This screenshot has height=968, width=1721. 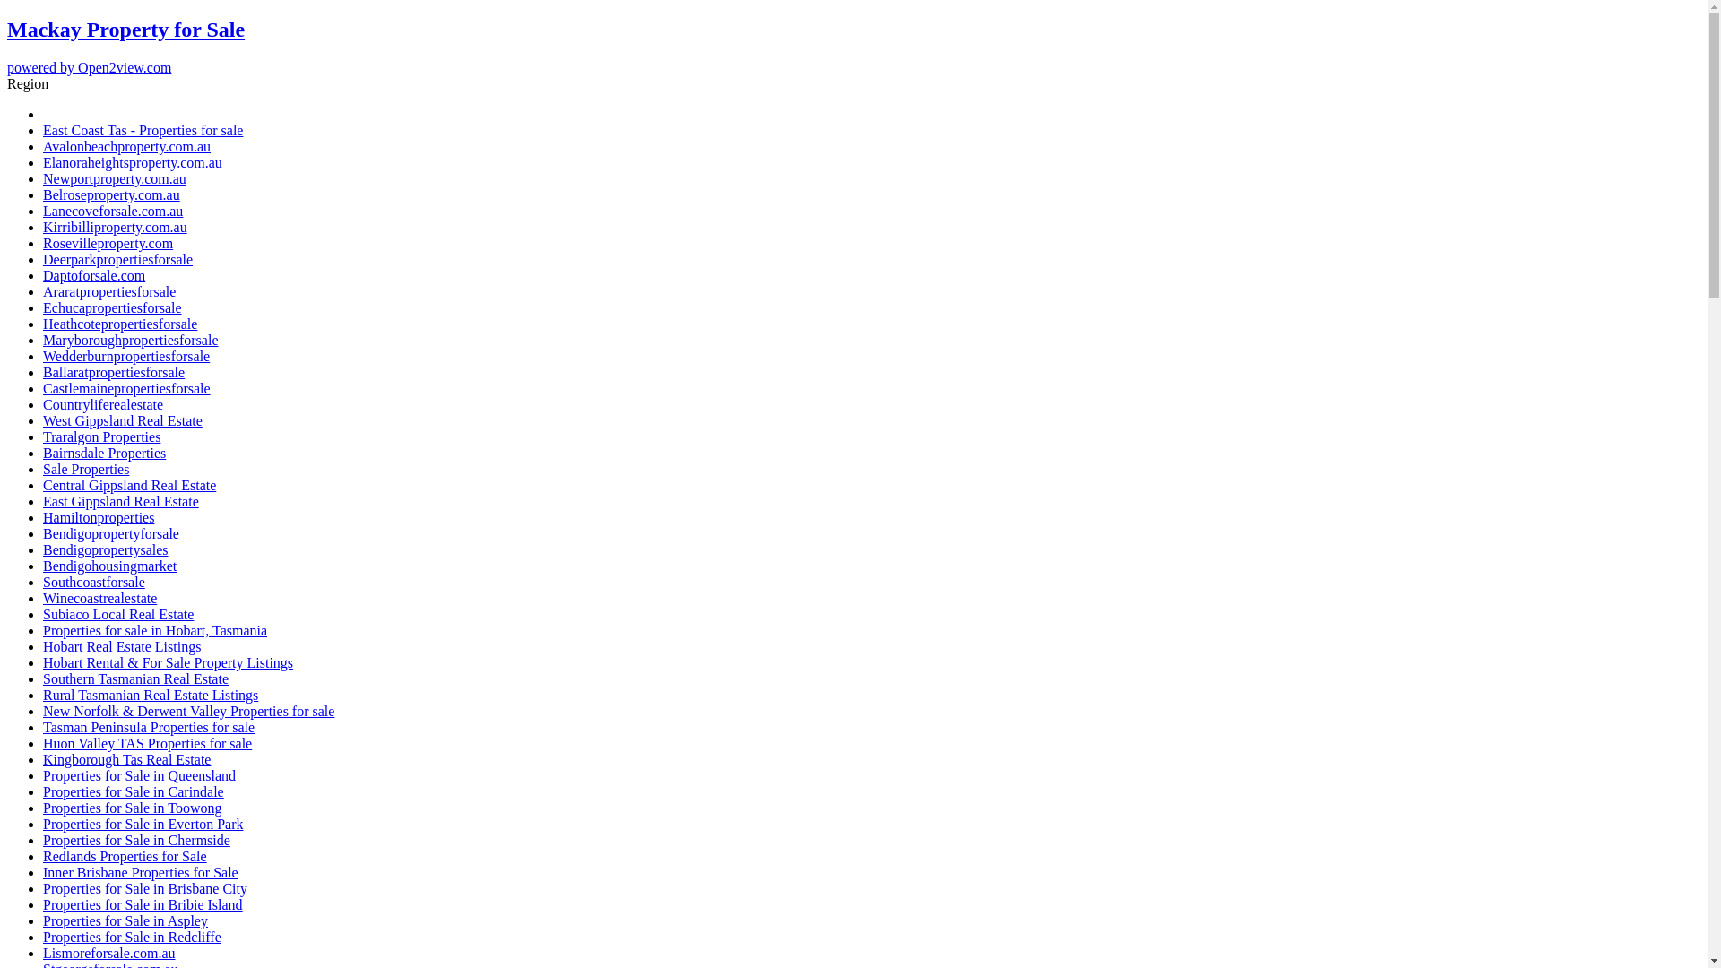 What do you see at coordinates (149, 727) in the screenshot?
I see `'Tasman Peninsula Properties for sale'` at bounding box center [149, 727].